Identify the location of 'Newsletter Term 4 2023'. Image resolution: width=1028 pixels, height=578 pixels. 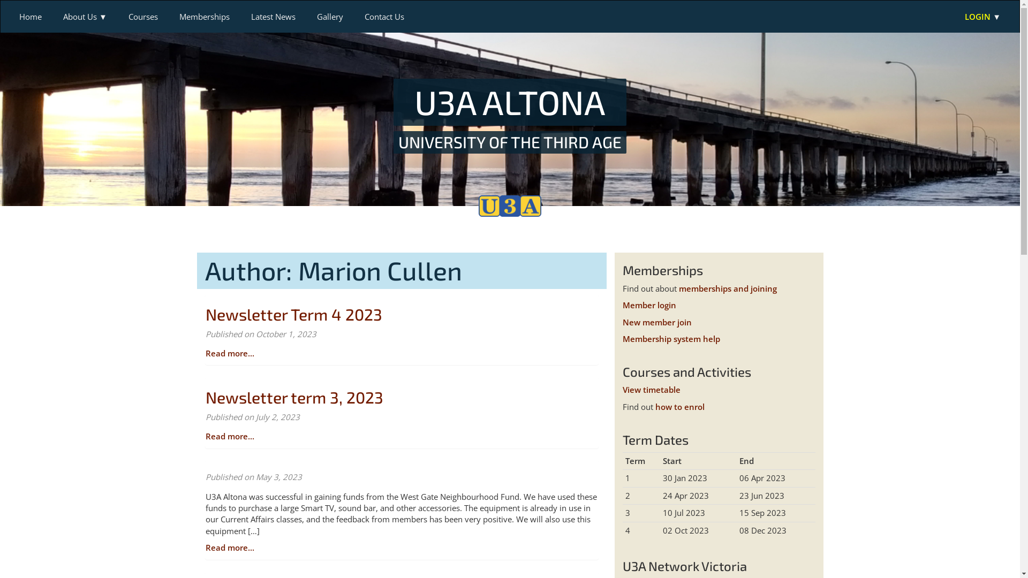
(293, 313).